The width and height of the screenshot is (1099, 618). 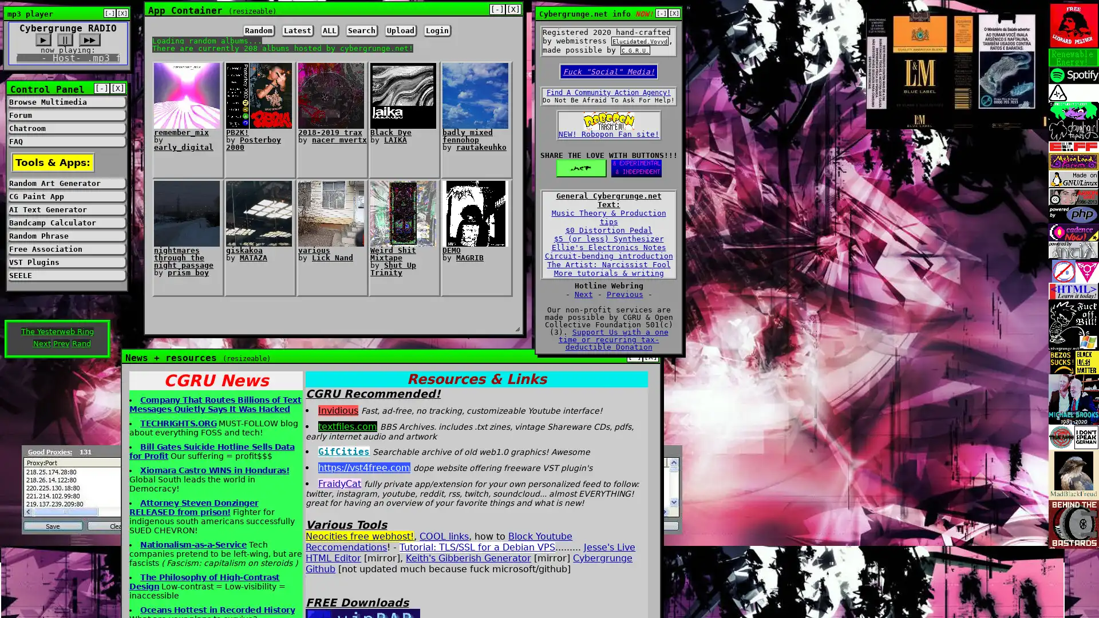 What do you see at coordinates (110, 13) in the screenshot?
I see `[-]` at bounding box center [110, 13].